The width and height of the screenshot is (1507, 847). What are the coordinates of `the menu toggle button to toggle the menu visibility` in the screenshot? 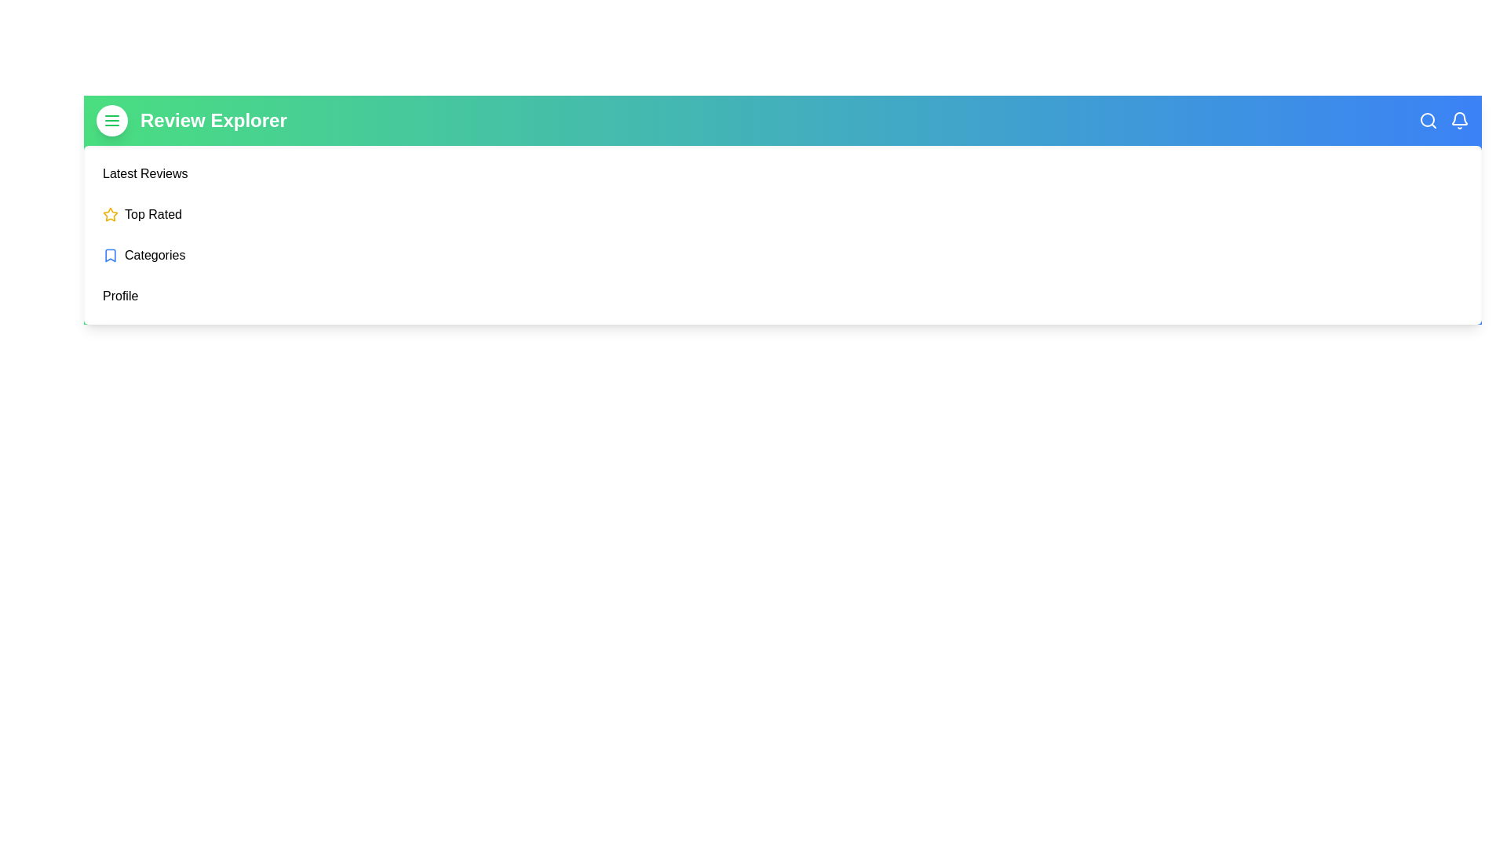 It's located at (111, 120).